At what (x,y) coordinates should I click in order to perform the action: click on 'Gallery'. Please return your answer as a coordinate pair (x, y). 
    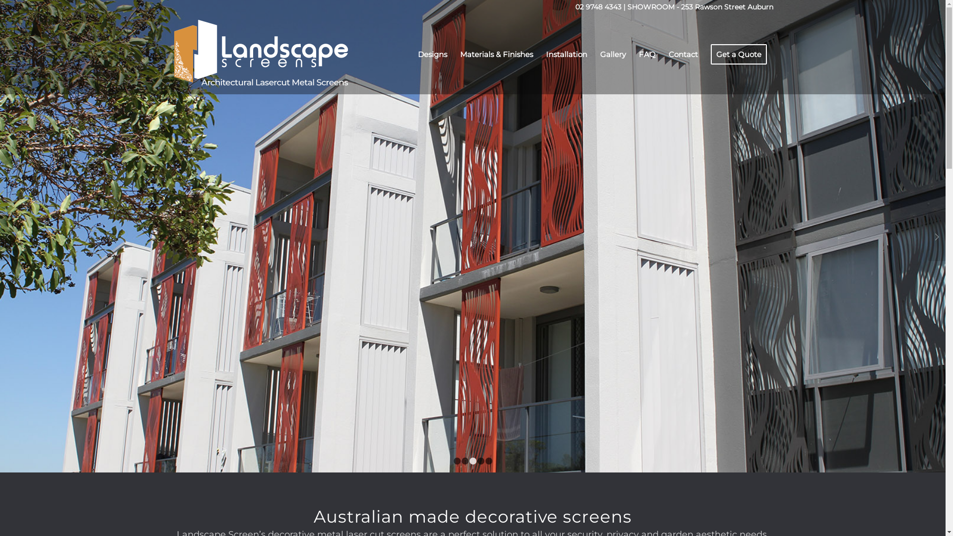
    Looking at the image, I should click on (612, 55).